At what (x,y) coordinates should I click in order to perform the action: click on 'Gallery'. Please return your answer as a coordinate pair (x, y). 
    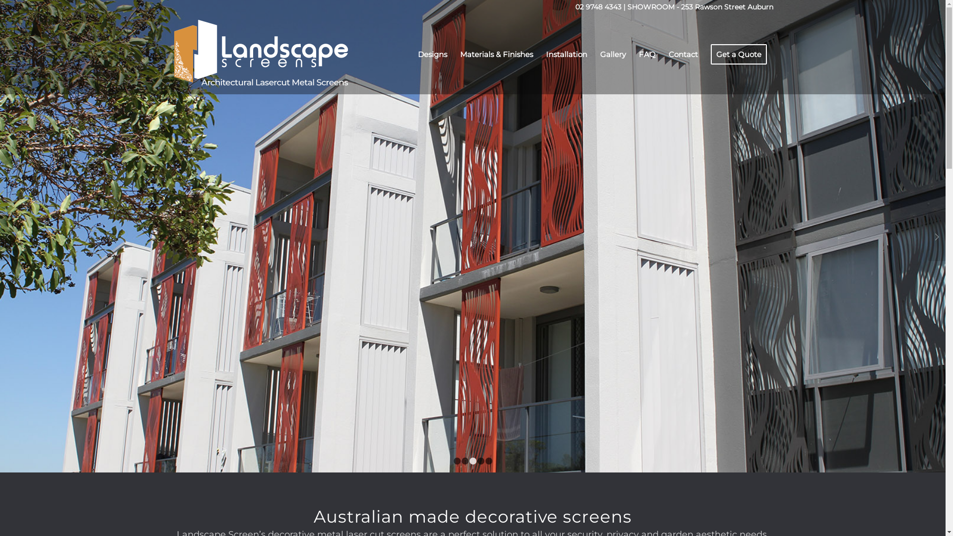
    Looking at the image, I should click on (612, 55).